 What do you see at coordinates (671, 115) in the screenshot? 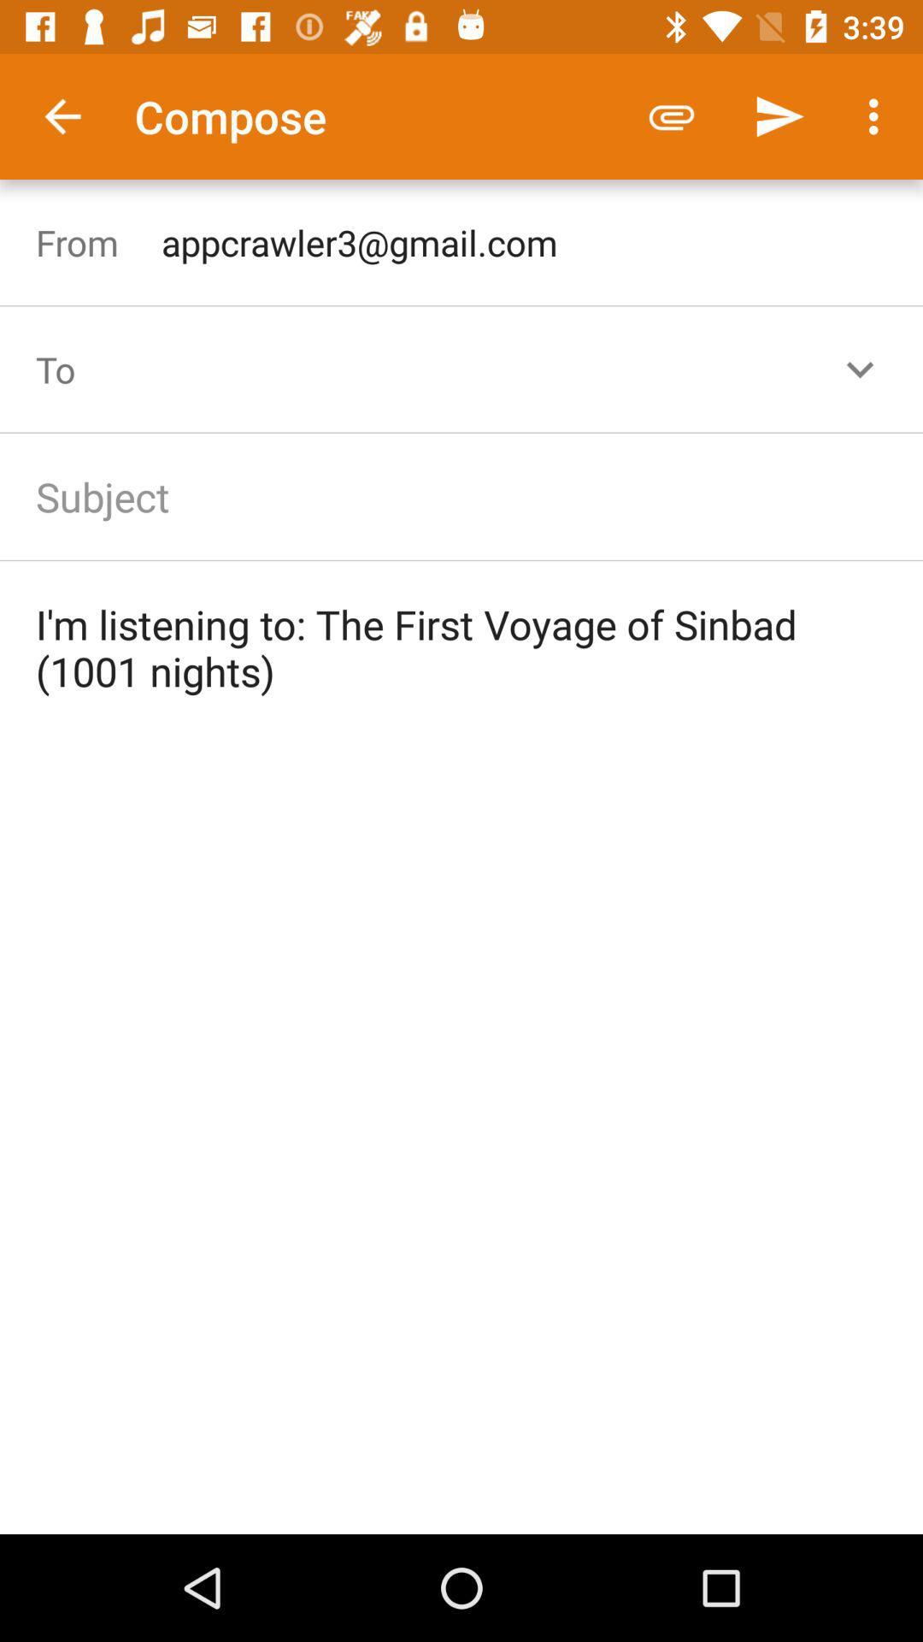
I see `the icon to the right of the compose` at bounding box center [671, 115].